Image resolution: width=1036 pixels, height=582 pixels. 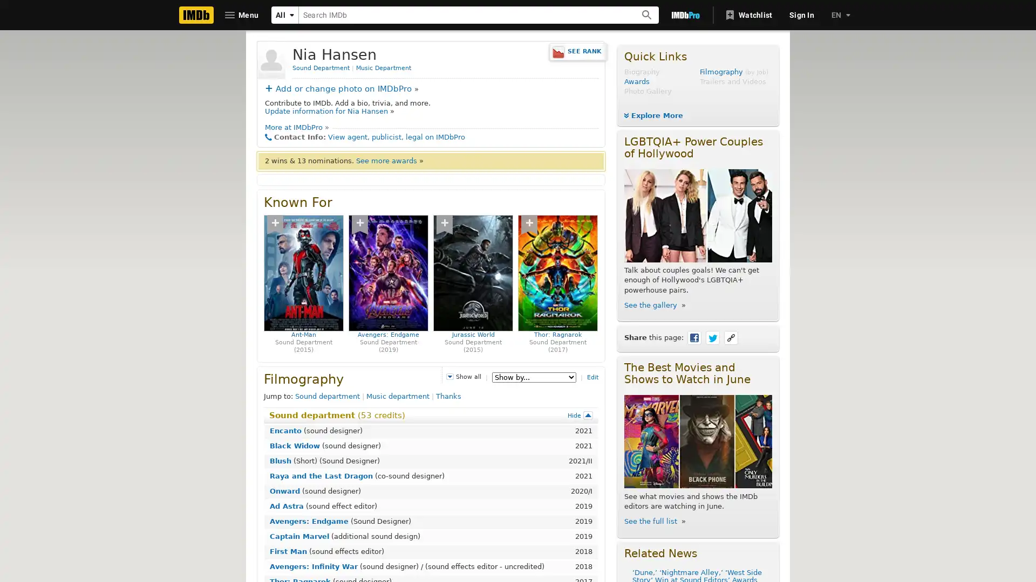 What do you see at coordinates (748, 15) in the screenshot?
I see `Watchlist` at bounding box center [748, 15].